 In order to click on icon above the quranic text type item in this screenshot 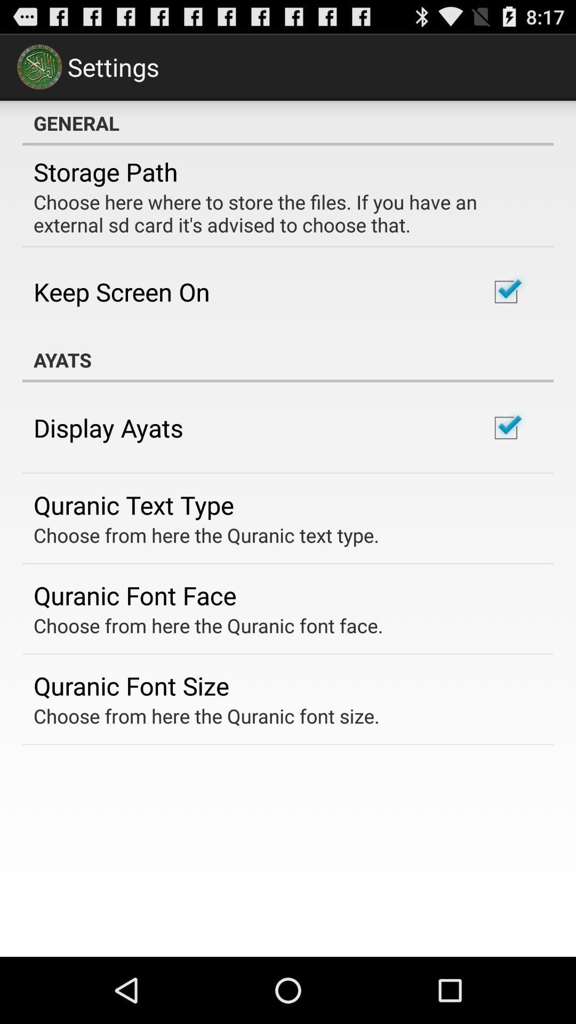, I will do `click(108, 428)`.